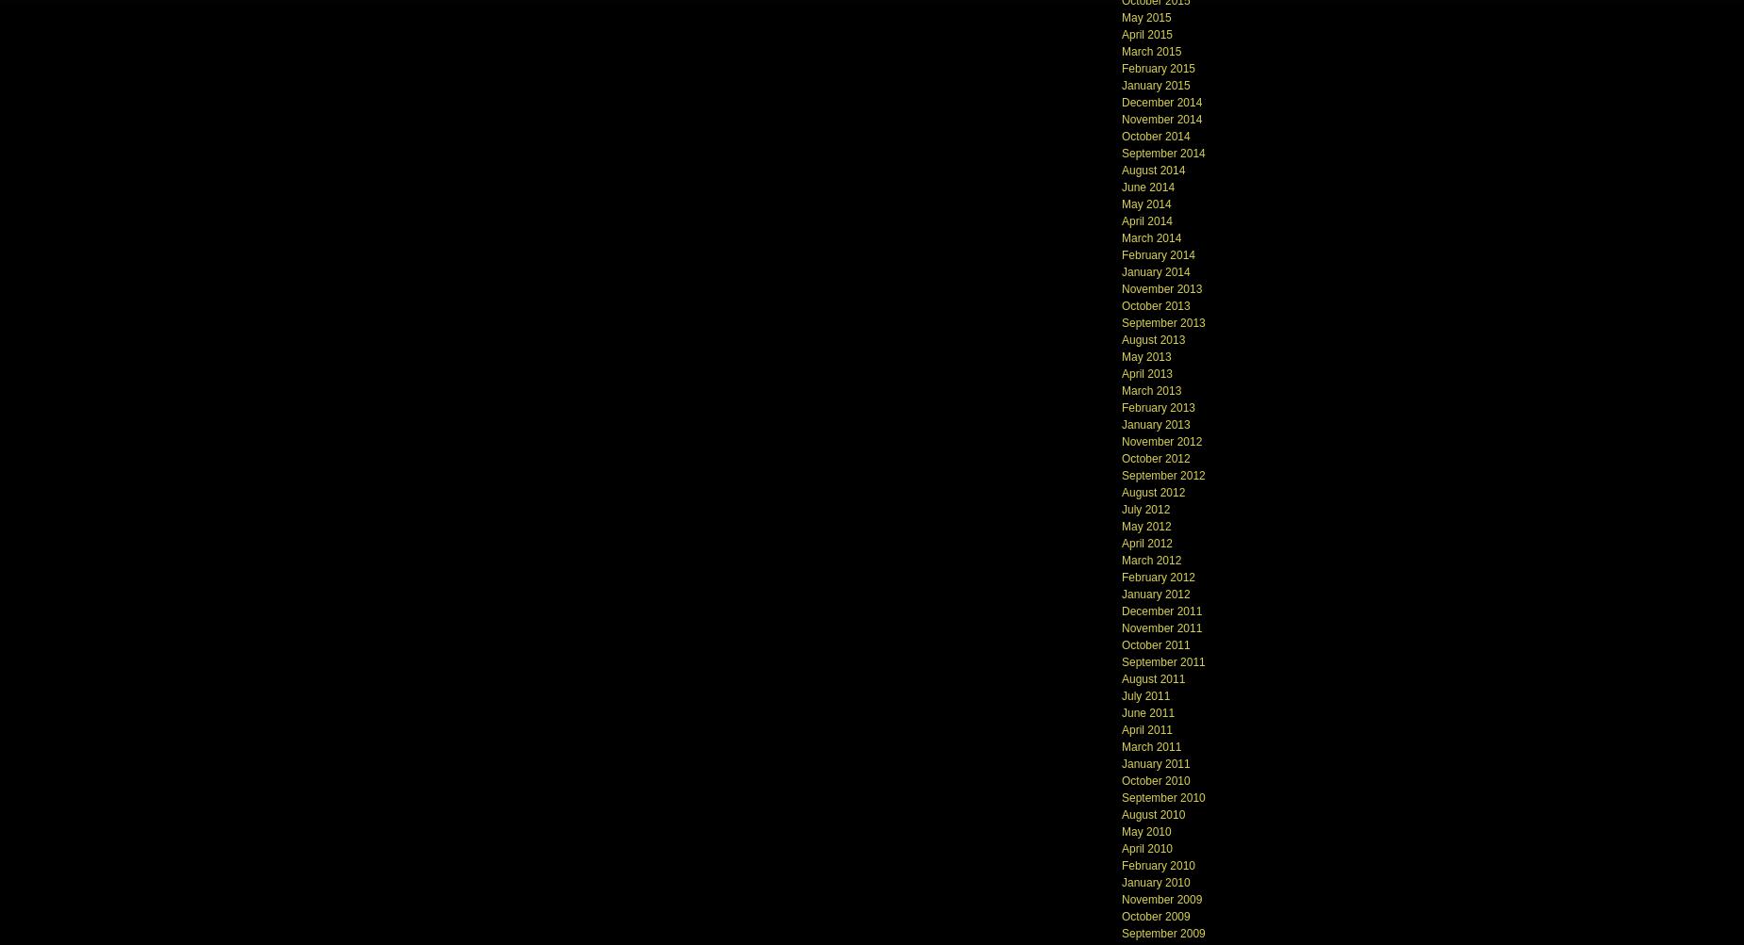  I want to click on 'June 2011', so click(1147, 710).